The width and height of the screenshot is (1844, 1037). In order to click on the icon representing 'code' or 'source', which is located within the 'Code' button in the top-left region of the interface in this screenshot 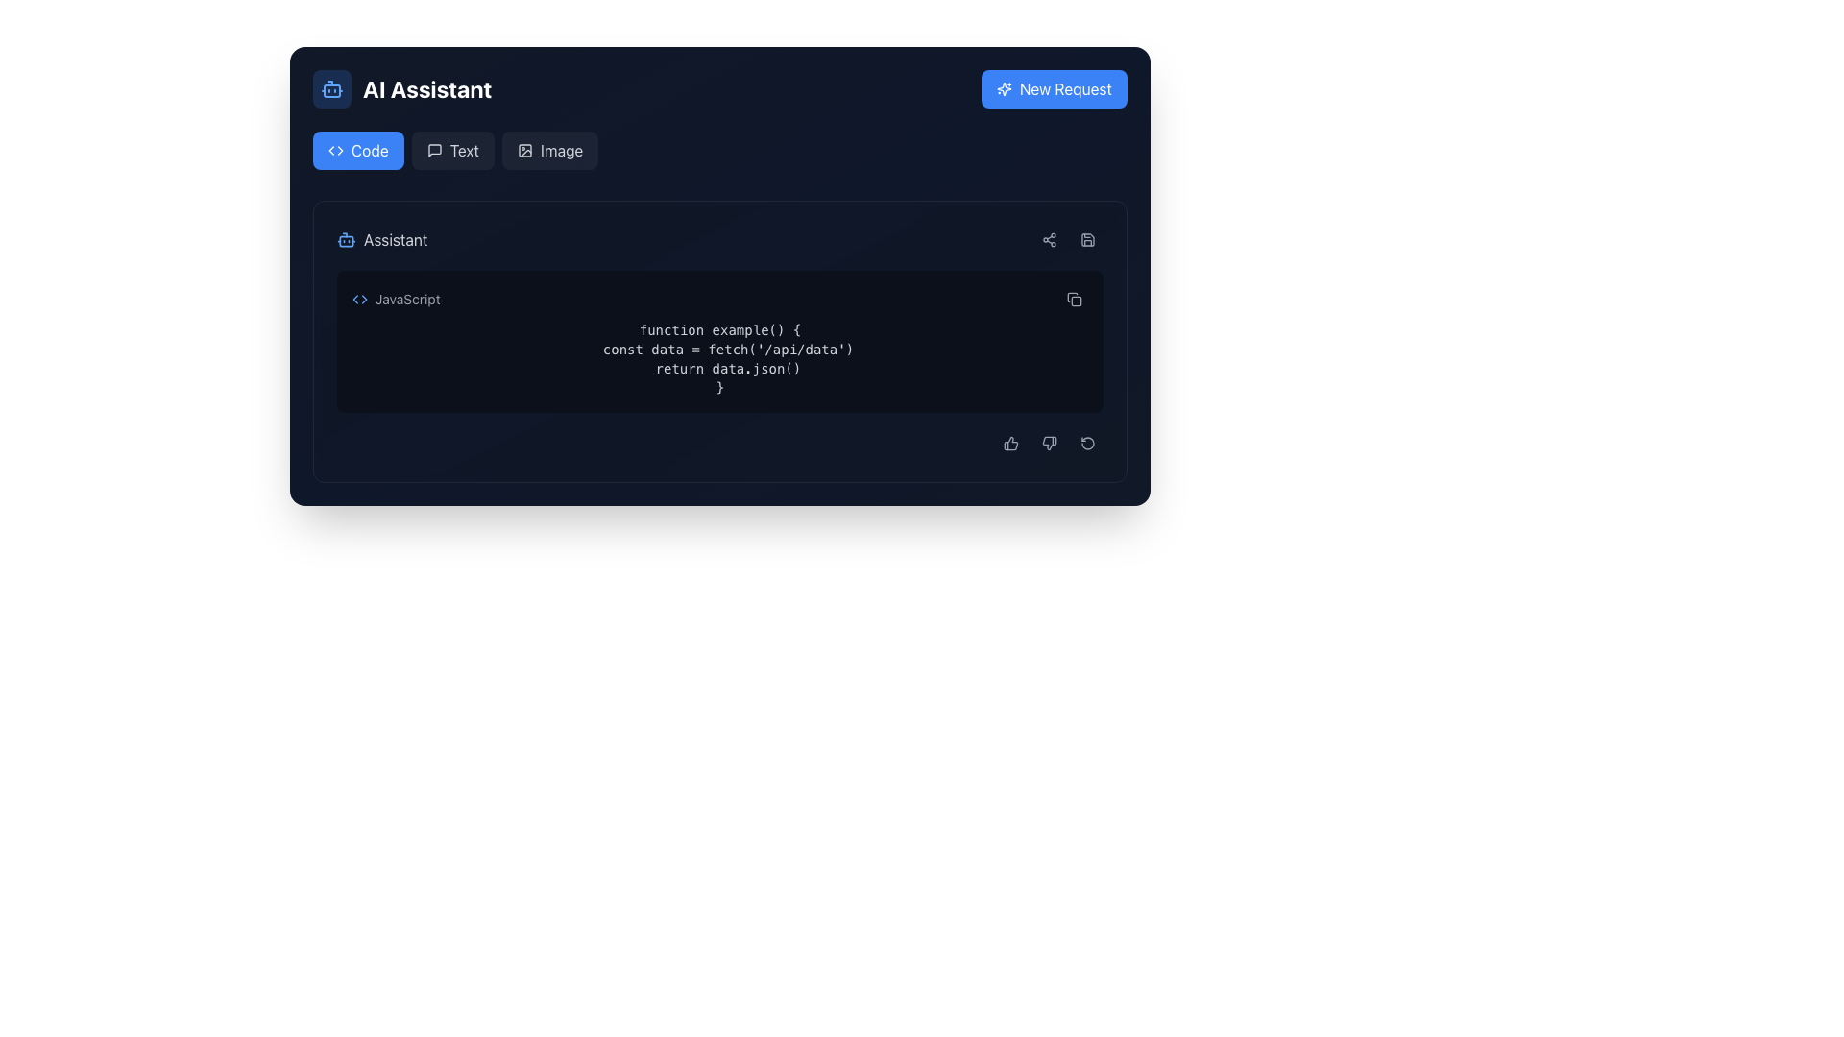, I will do `click(336, 150)`.